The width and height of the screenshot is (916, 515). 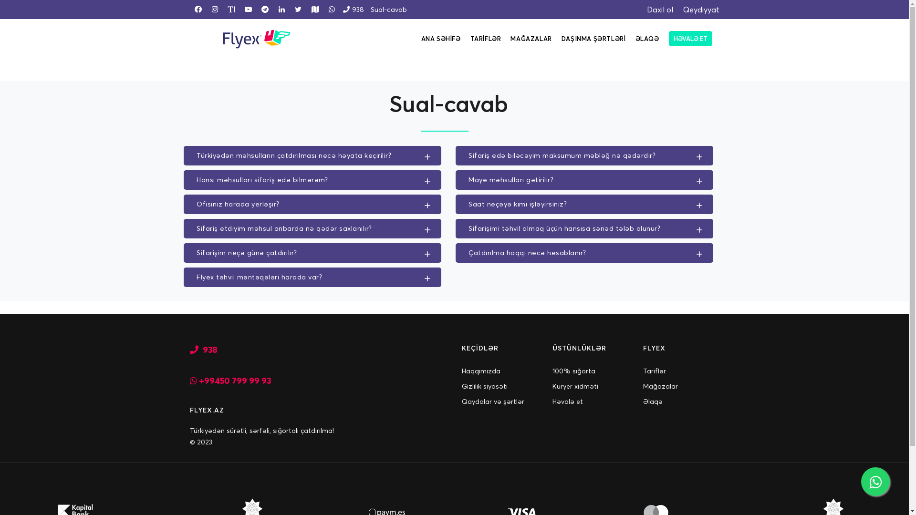 What do you see at coordinates (655, 9) in the screenshot?
I see `'Daxil ol'` at bounding box center [655, 9].